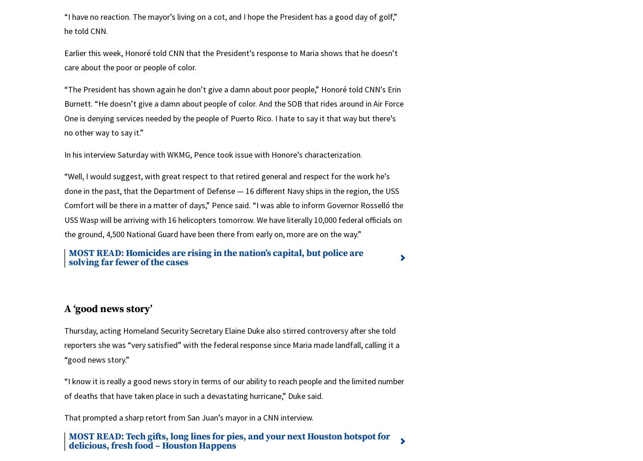 The image size is (643, 461). Describe the element at coordinates (234, 388) in the screenshot. I see `'“I know it is really a good news story in terms of our ability to reach people and the limited number of deaths that have taken place in such a devastating hurricane,” Duke said.'` at that location.